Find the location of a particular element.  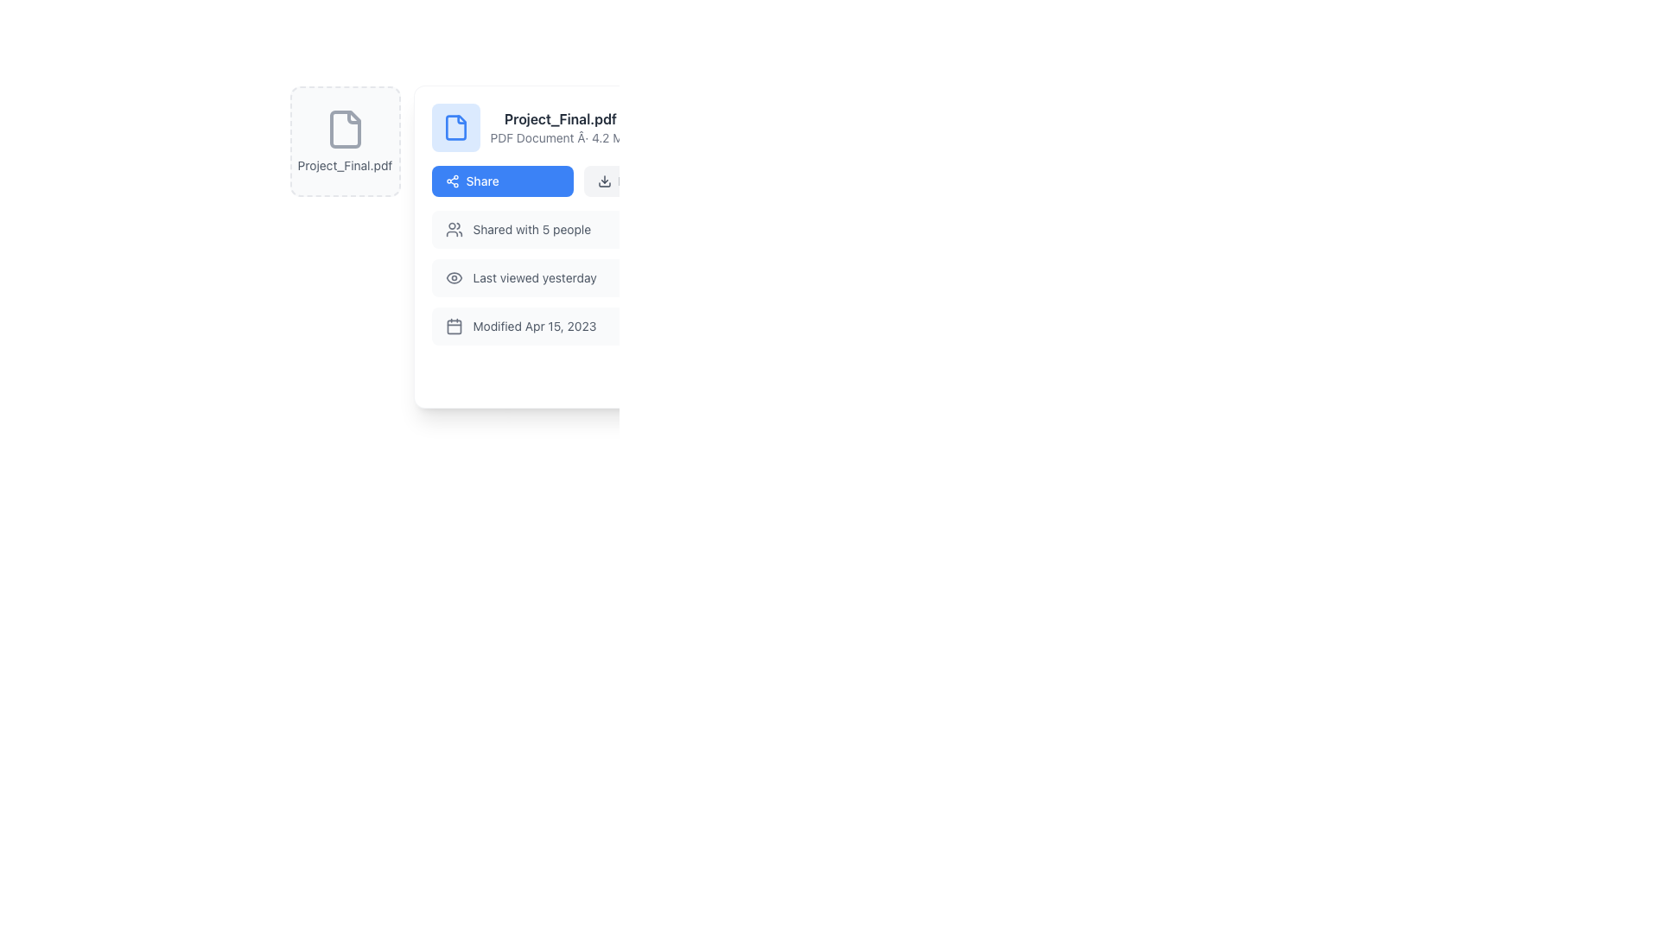

the static text label that reads 'Shared with 5 people', which is styled in small gray font and accompanied by an icon of group-like figures, located in the middle section of a card-like interface is located at coordinates (517, 229).